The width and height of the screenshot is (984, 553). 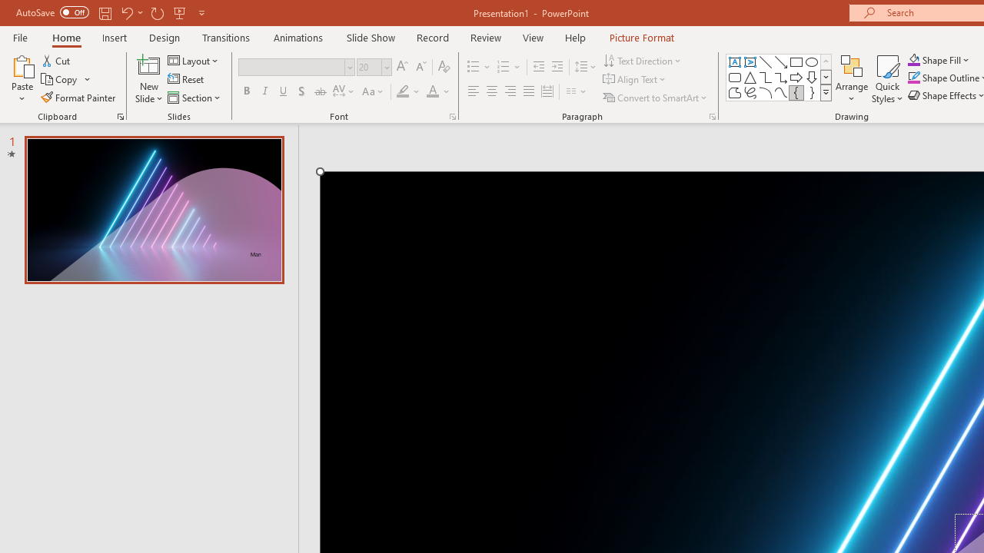 I want to click on 'Picture Format', so click(x=642, y=37).